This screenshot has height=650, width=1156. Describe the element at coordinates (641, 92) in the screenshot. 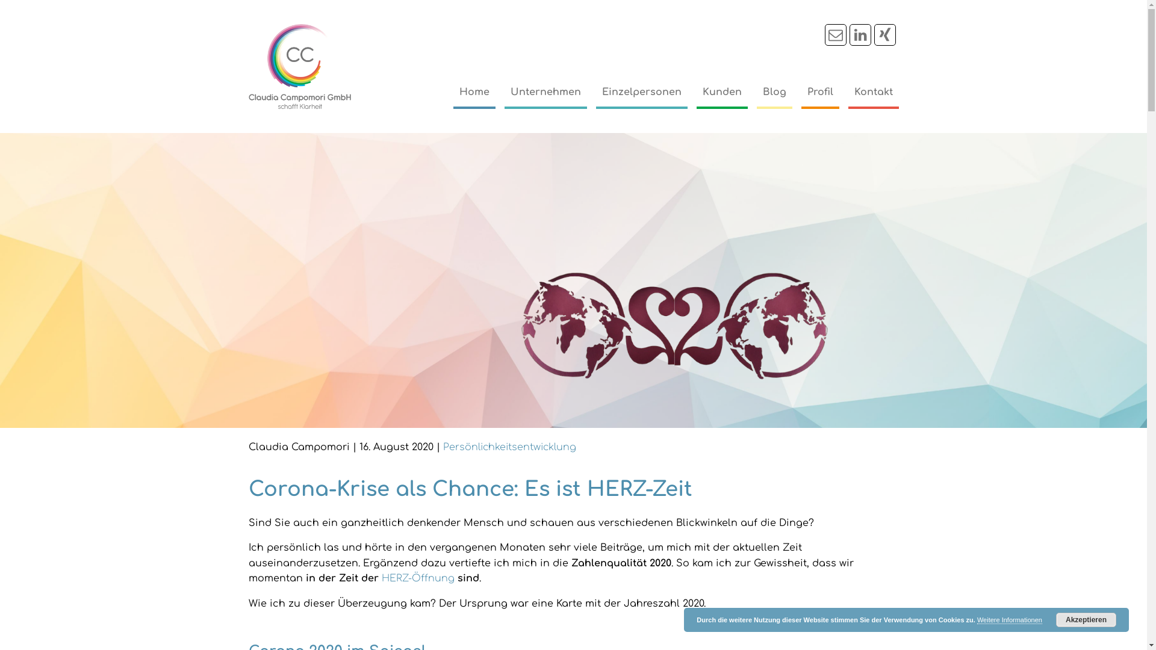

I see `'Einzelpersonen'` at that location.